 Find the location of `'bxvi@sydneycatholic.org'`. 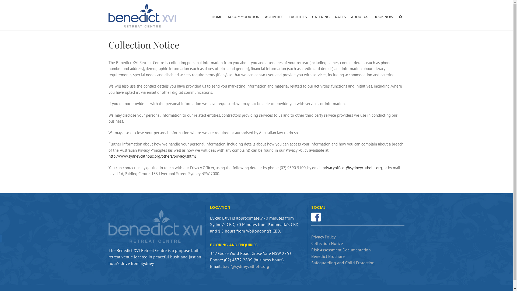

'bxvi@sydneycatholic.org' is located at coordinates (246, 266).